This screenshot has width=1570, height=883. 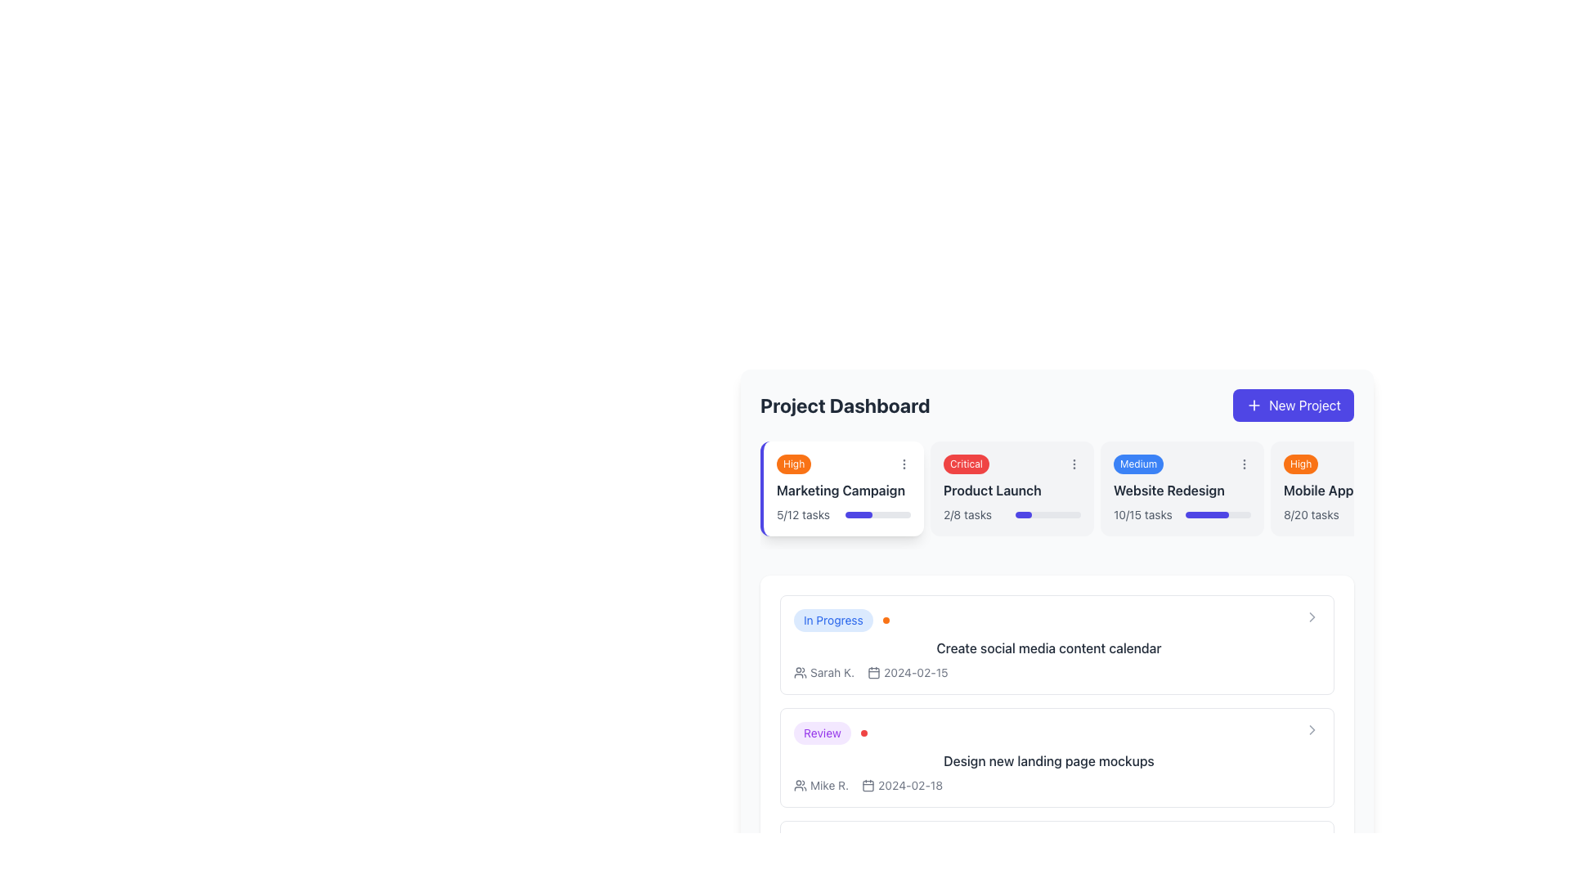 I want to click on status text from the blue pill-shaped label displaying 'In Progress' located on the Project Dashboard under the task 'Create social media content calendar', so click(x=833, y=621).